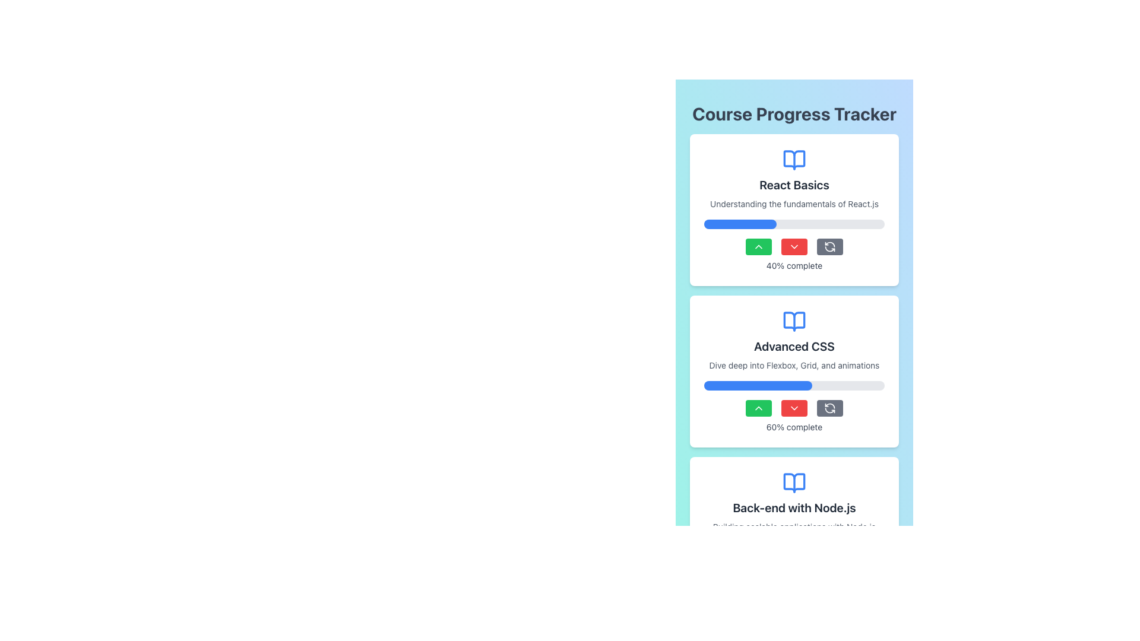 Image resolution: width=1140 pixels, height=641 pixels. What do you see at coordinates (794, 160) in the screenshot?
I see `the icon representing the course or learning module located at the top center of the card above the text 'React Basics'` at bounding box center [794, 160].